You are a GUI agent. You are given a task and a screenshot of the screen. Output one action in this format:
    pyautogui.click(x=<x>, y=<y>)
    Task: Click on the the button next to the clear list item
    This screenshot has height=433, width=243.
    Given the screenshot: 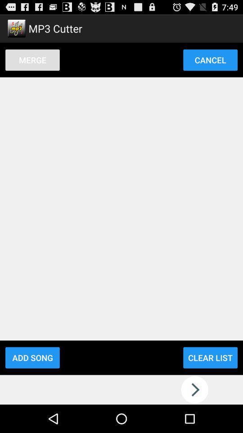 What is the action you would take?
    pyautogui.click(x=32, y=358)
    